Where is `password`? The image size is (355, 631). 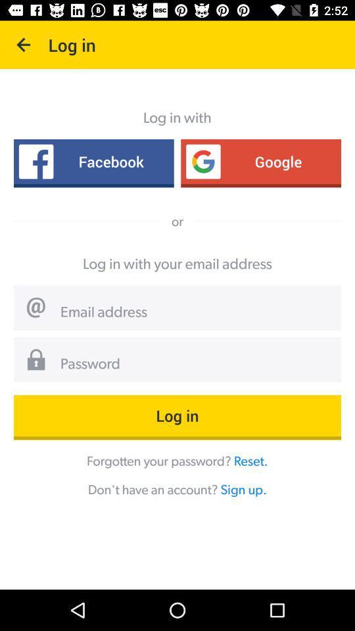 password is located at coordinates (195, 364).